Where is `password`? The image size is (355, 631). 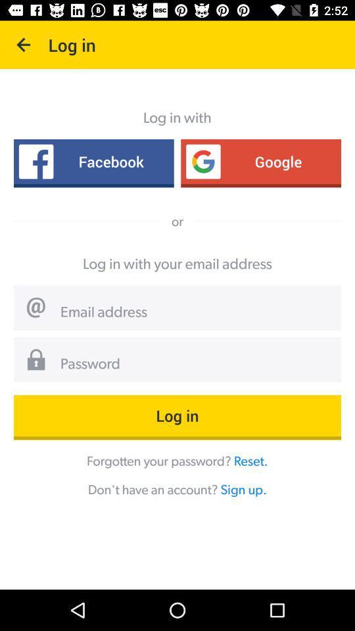 password is located at coordinates (195, 364).